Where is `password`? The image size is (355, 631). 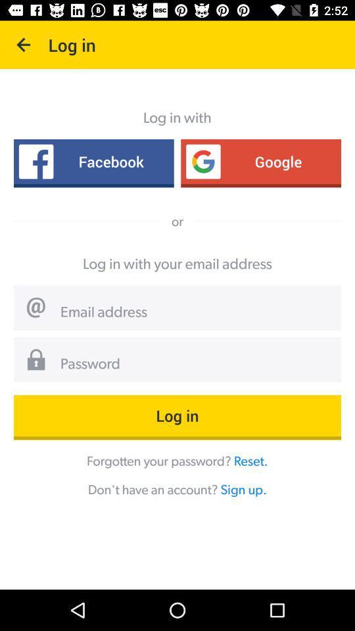 password is located at coordinates (195, 364).